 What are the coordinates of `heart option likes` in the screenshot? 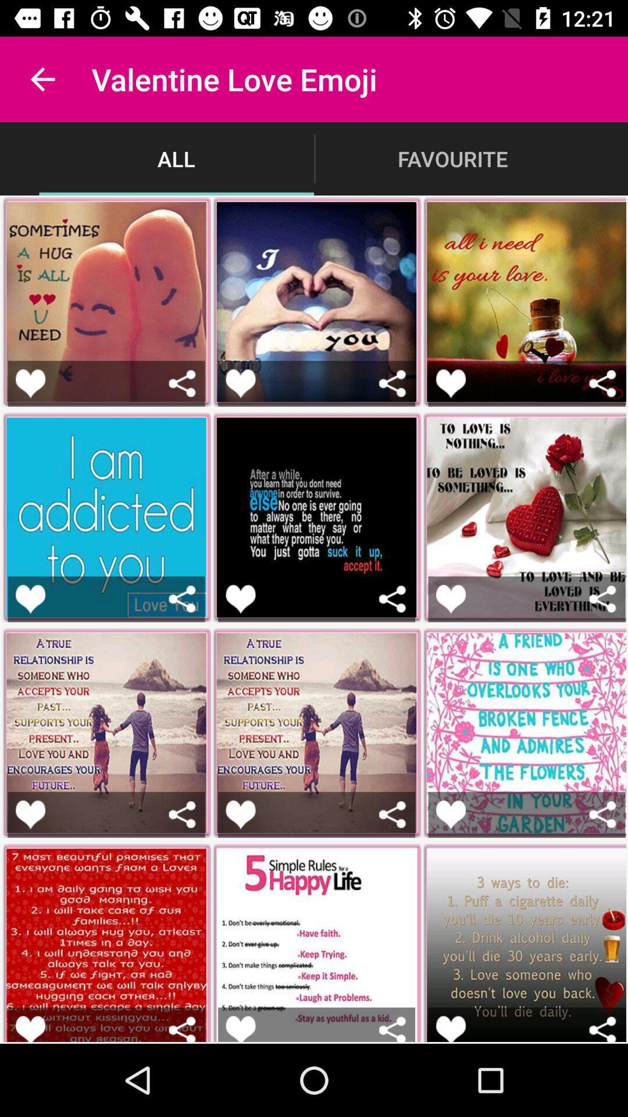 It's located at (450, 383).